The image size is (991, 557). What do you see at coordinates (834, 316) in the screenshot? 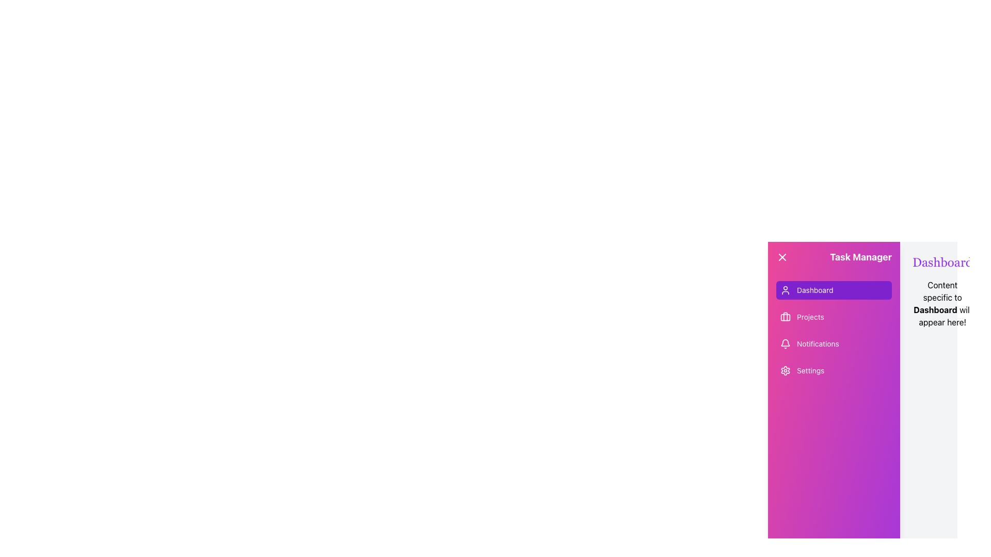
I see `the 'Projects' navigation item located in the vertical menu, which is the second item from the top under 'Dashboard'` at bounding box center [834, 316].